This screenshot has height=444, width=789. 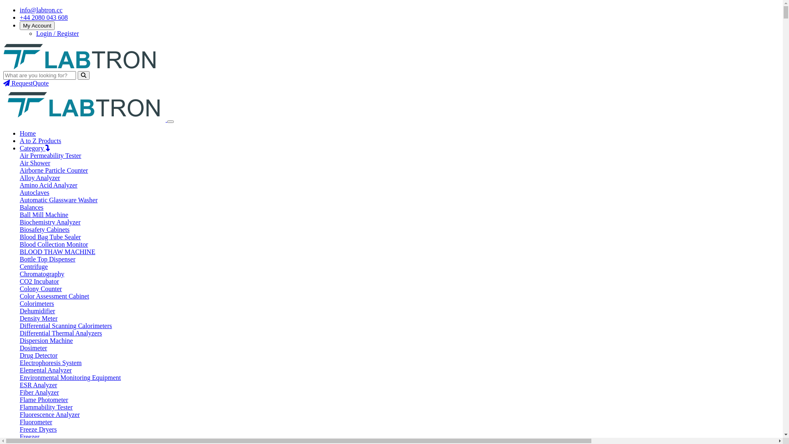 I want to click on 'CO2 Incubator', so click(x=20, y=281).